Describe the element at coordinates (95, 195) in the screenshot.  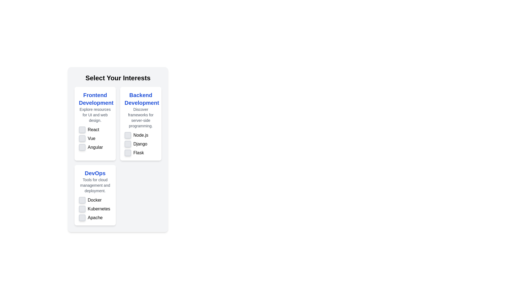
I see `the checkboxes within the selection card for the 'DevOps' category` at that location.